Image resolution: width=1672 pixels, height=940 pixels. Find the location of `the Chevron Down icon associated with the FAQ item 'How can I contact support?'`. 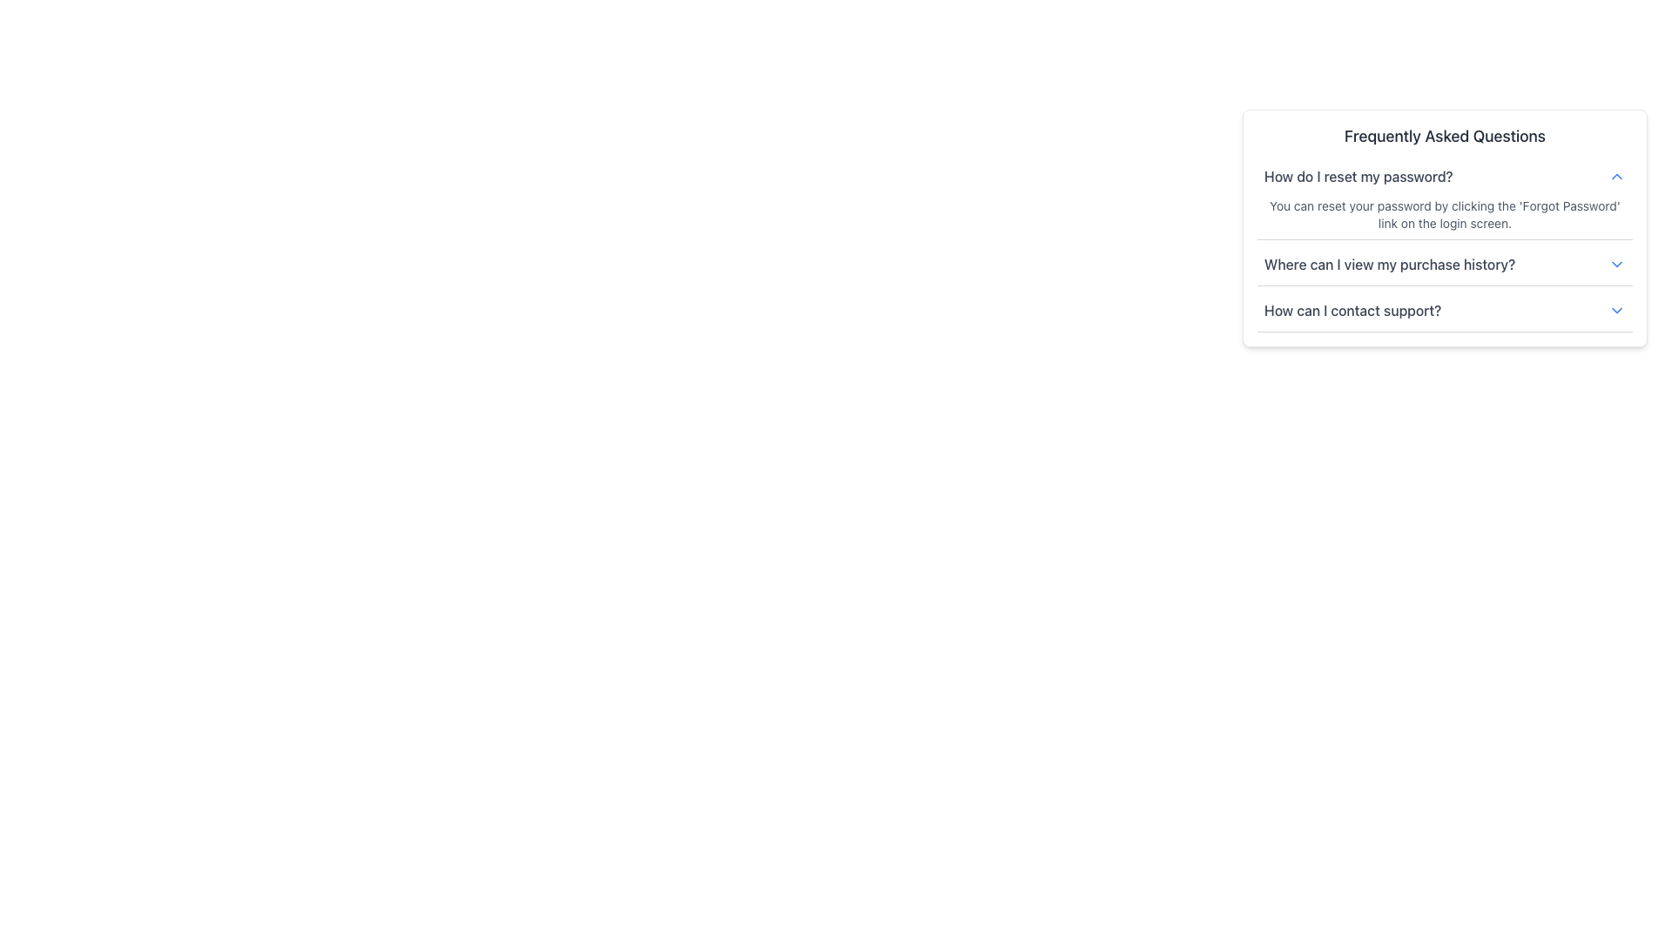

the Chevron Down icon associated with the FAQ item 'How can I contact support?' is located at coordinates (1616, 310).